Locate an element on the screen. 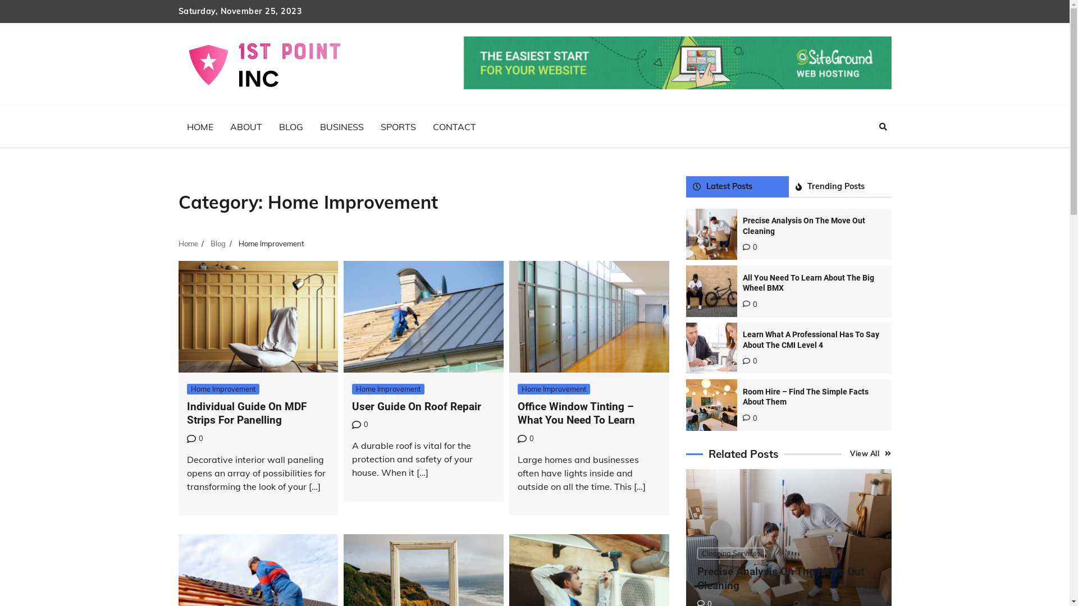 This screenshot has height=606, width=1078. 'Trending Posts' is located at coordinates (839, 186).